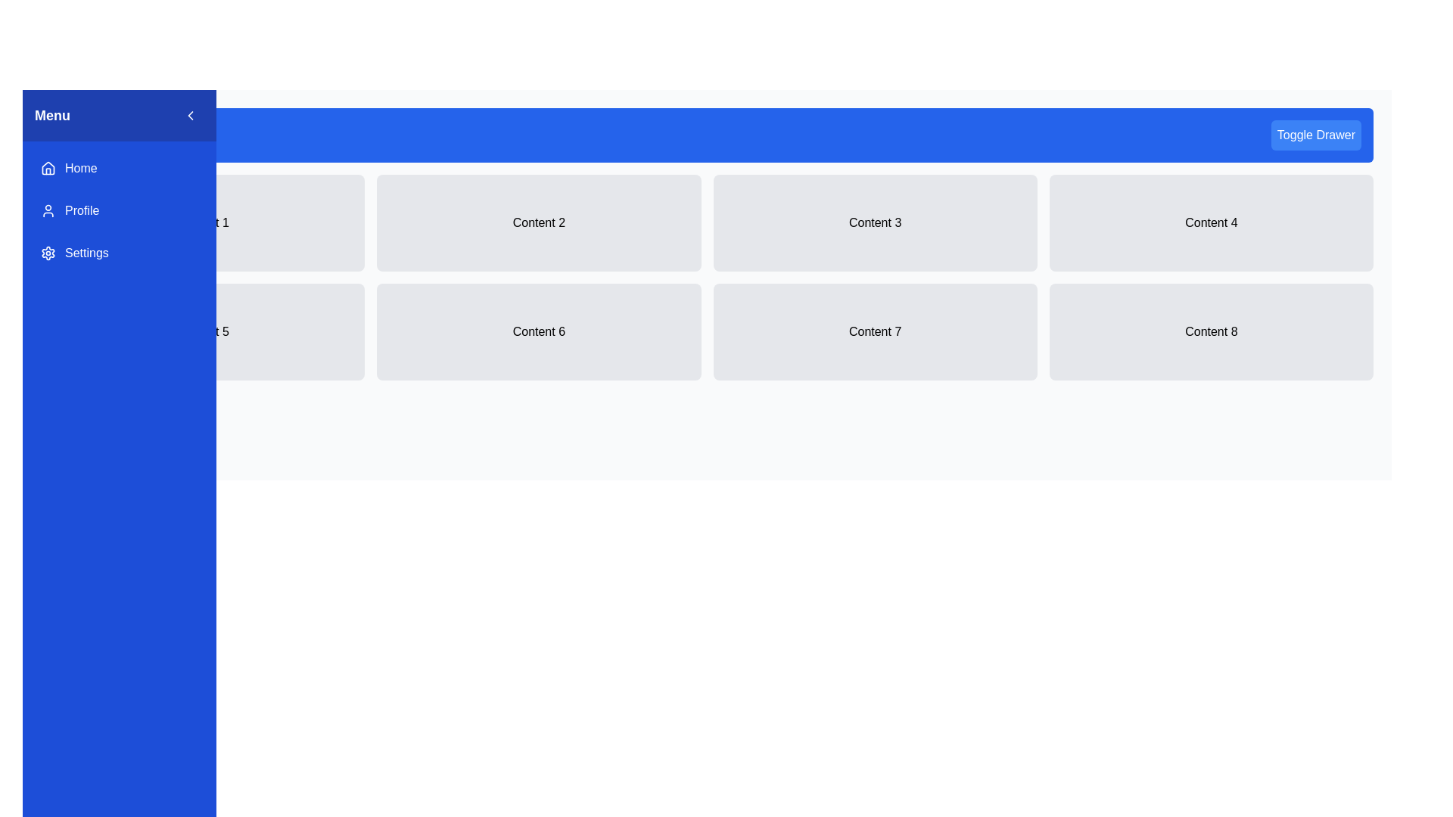  I want to click on the Chevron Left icon located in the navigation menu, positioned to the left of the 'Menu' title, so click(190, 115).